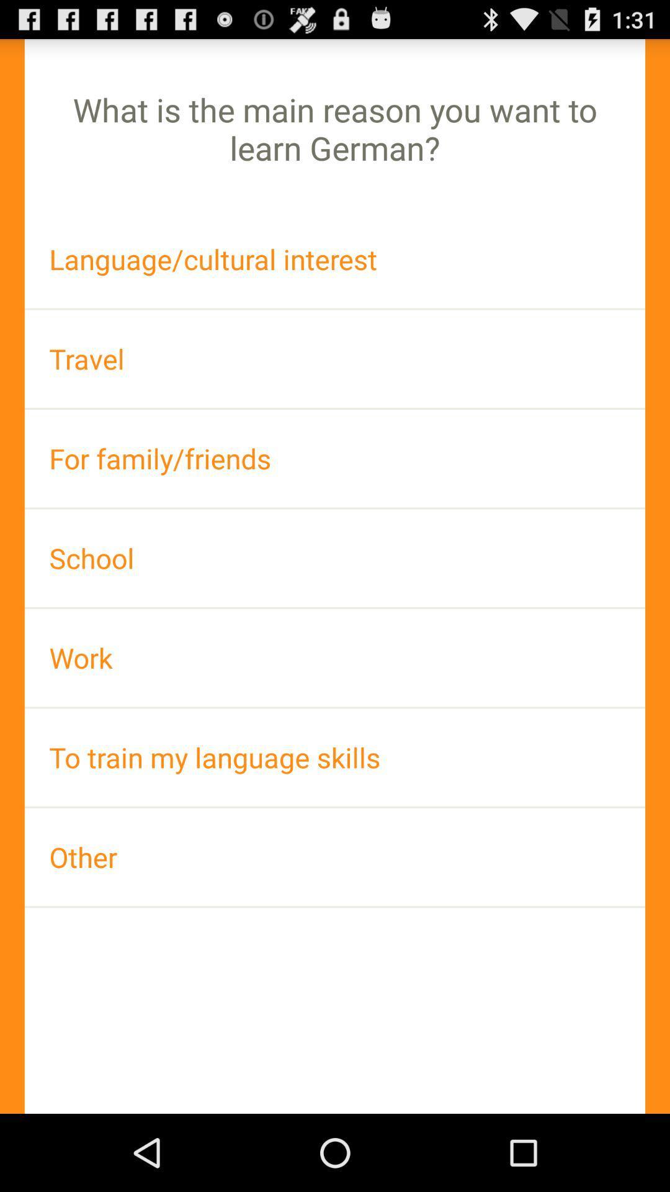 This screenshot has width=670, height=1192. What do you see at coordinates (335, 657) in the screenshot?
I see `work icon` at bounding box center [335, 657].